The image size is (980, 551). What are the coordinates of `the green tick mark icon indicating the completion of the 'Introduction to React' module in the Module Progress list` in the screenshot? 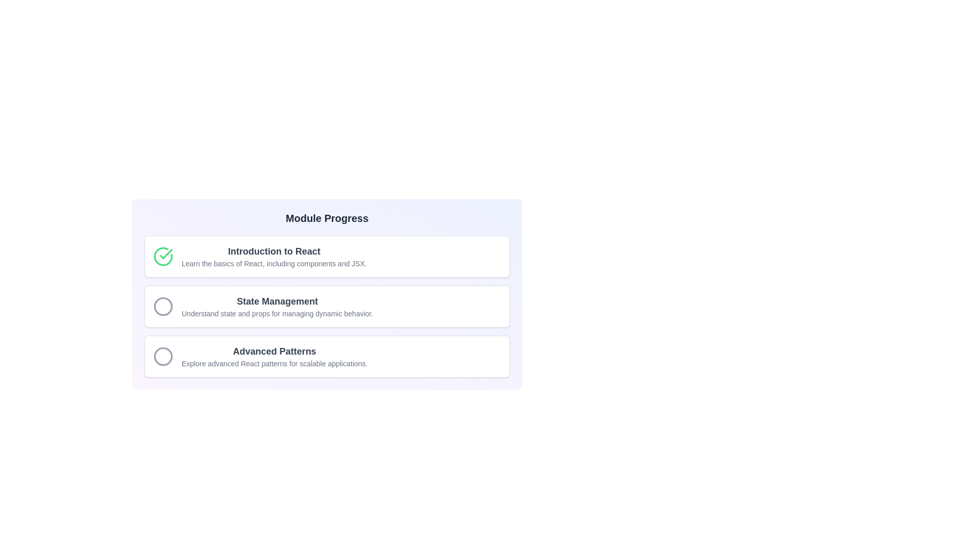 It's located at (166, 253).